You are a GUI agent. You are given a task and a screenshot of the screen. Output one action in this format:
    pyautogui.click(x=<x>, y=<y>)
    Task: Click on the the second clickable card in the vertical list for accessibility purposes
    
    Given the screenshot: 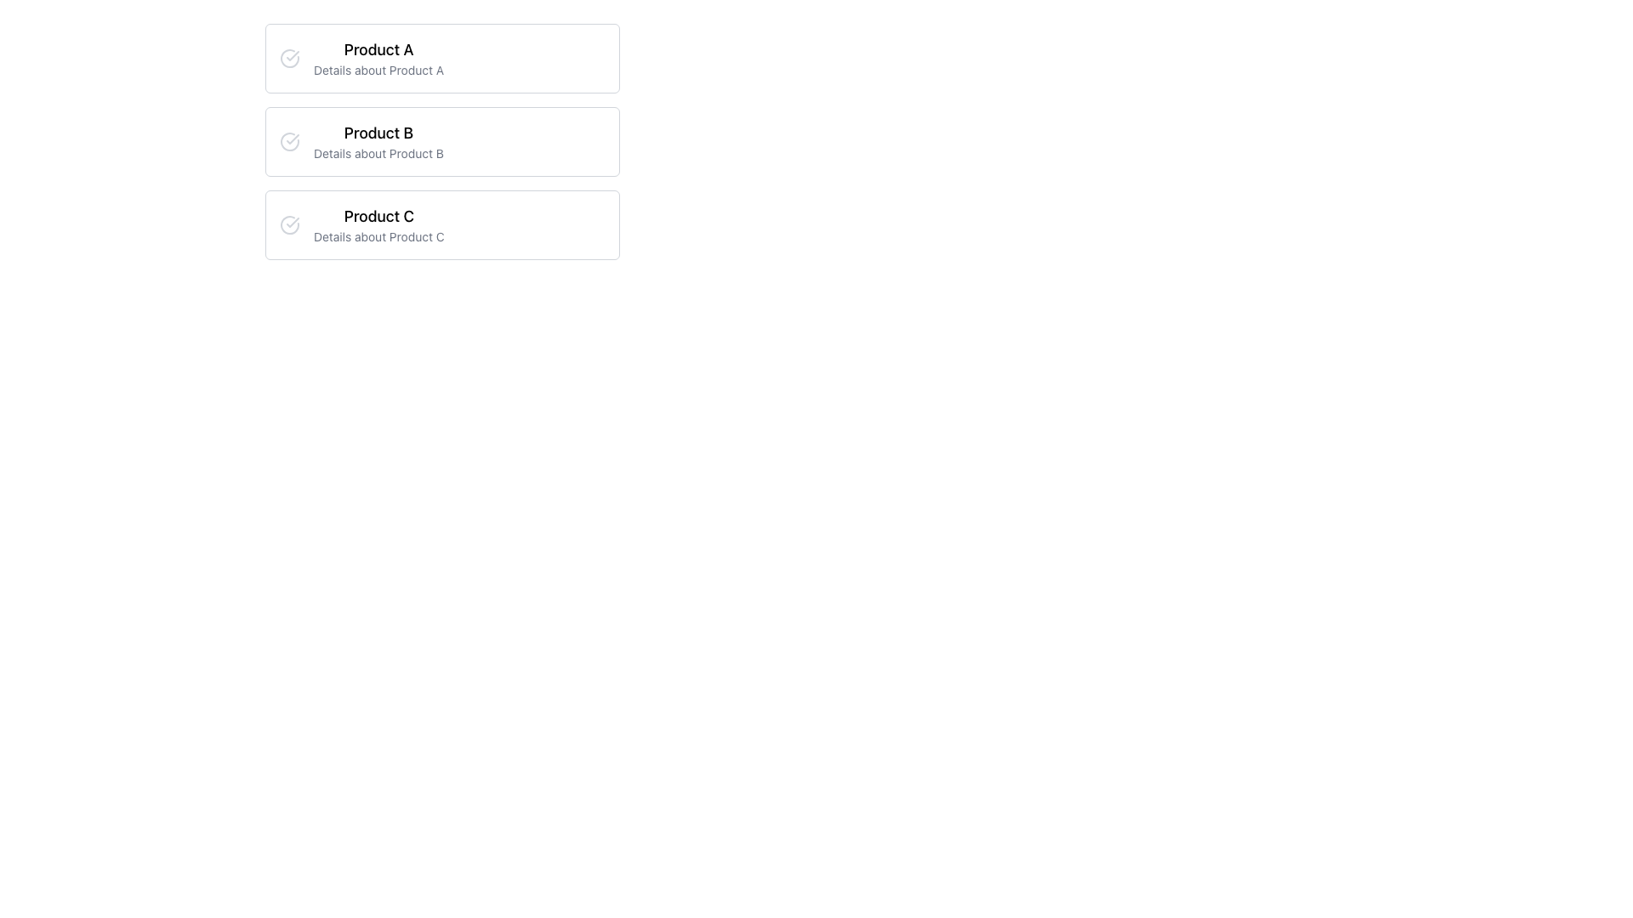 What is the action you would take?
    pyautogui.click(x=442, y=140)
    